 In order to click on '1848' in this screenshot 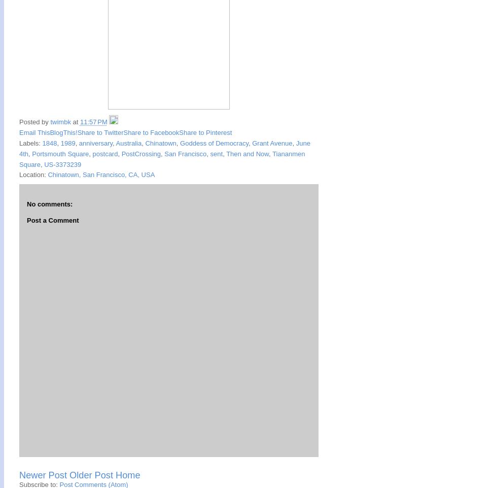, I will do `click(49, 143)`.